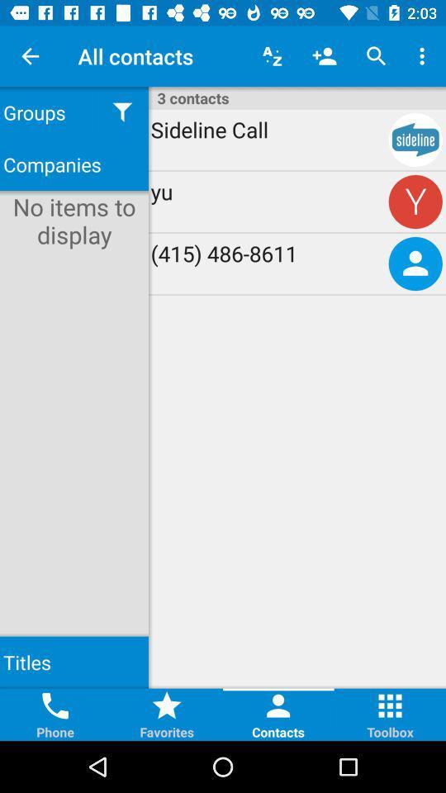 The image size is (446, 793). I want to click on icon below the all contacts item, so click(121, 112).